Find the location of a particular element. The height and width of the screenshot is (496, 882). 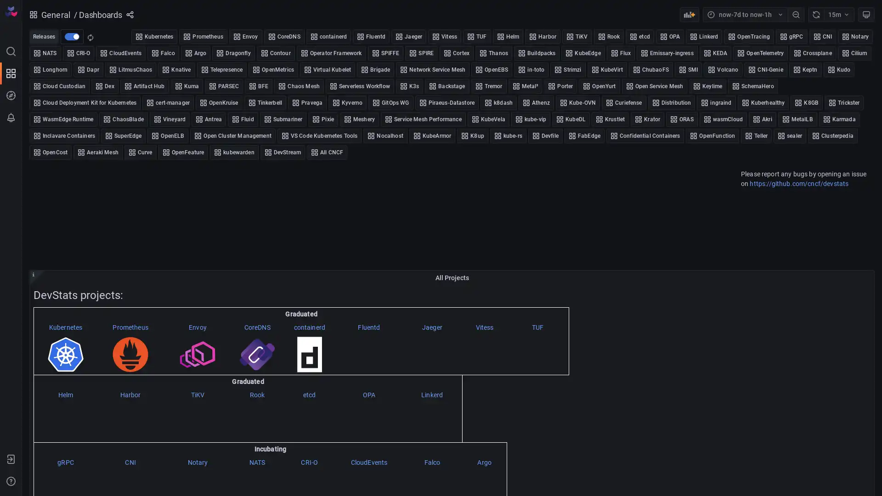

Refresh dashboard is located at coordinates (815, 14).